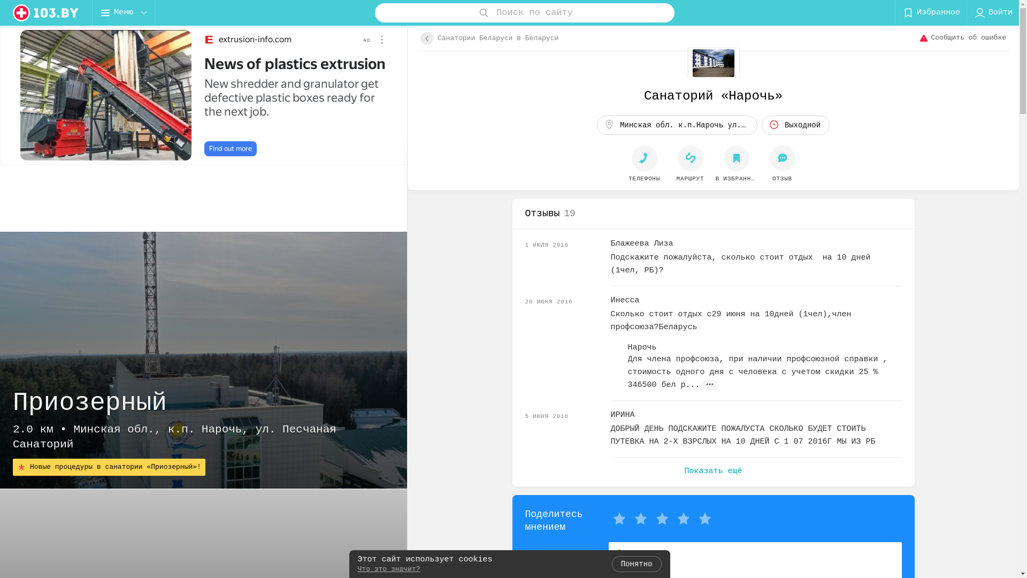  I want to click on 'logo', so click(13, 12).